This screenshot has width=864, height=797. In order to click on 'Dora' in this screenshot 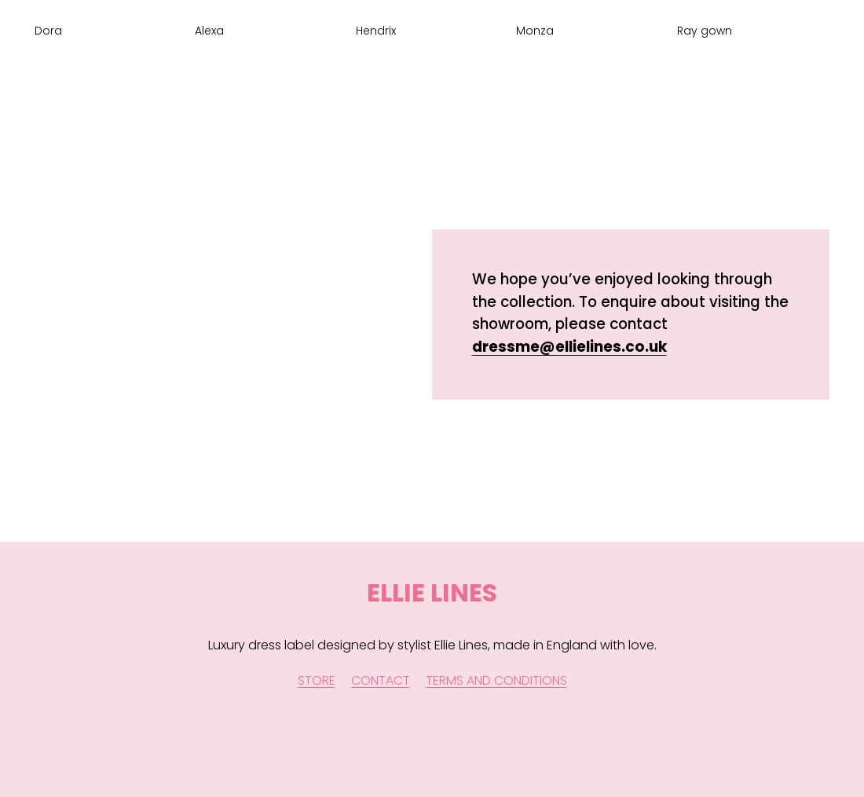, I will do `click(47, 28)`.